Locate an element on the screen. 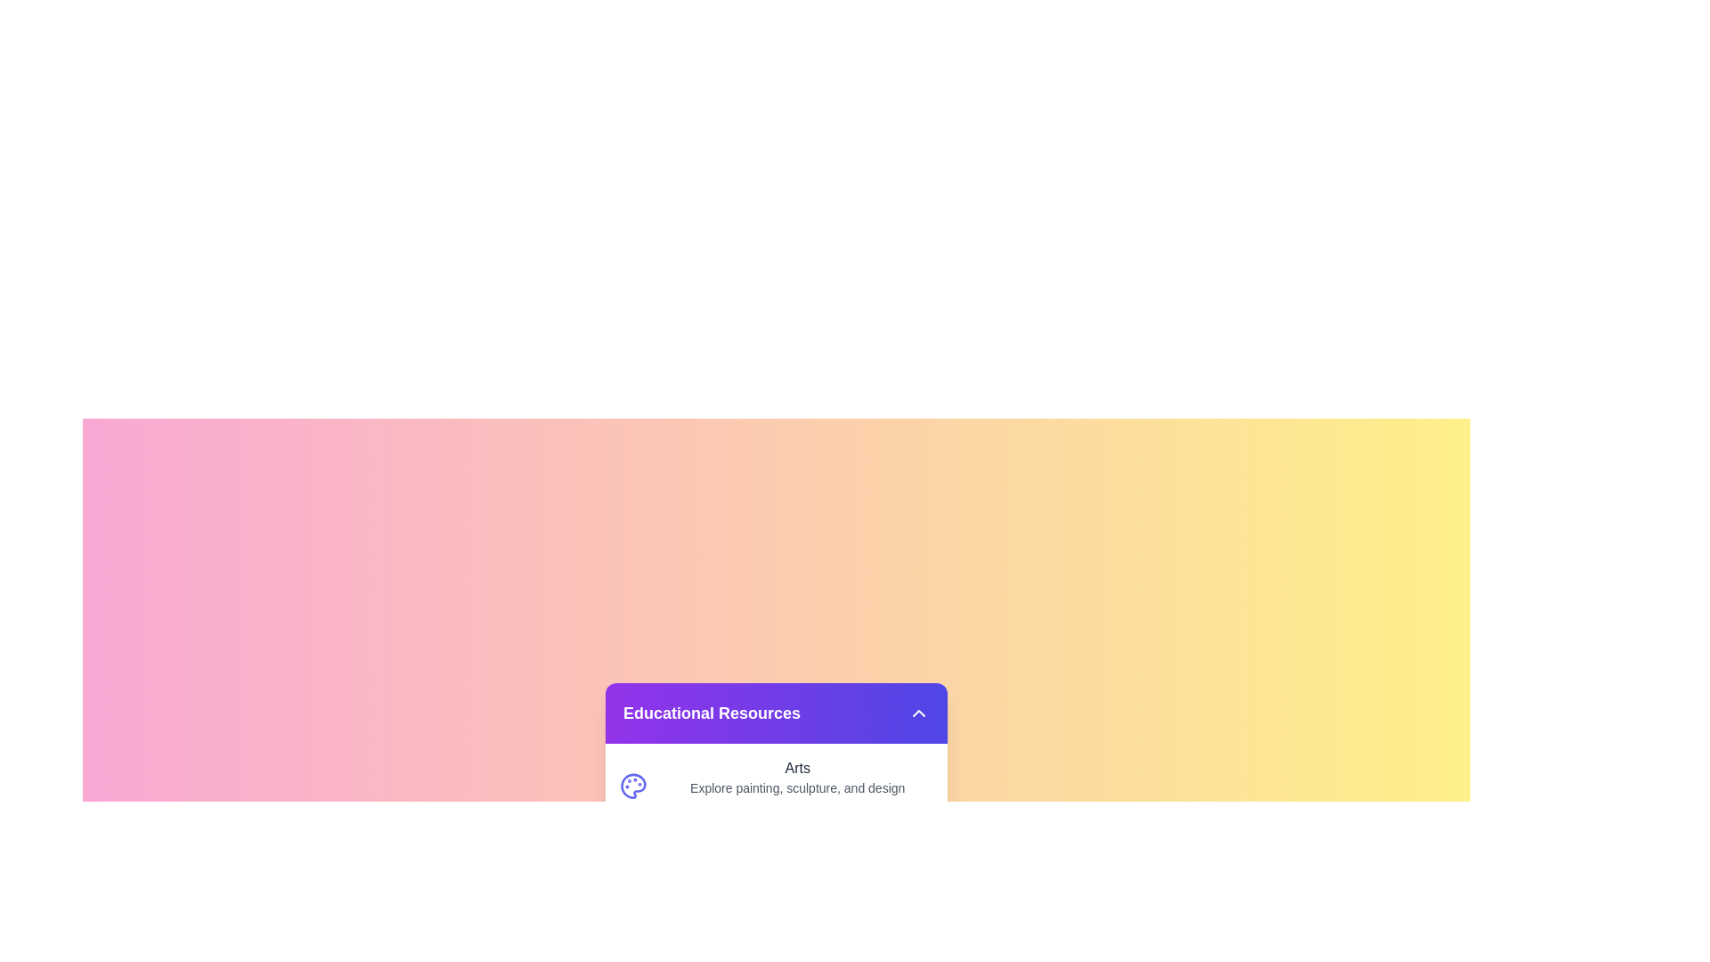  the resource item corresponding to Arts is located at coordinates (777, 785).